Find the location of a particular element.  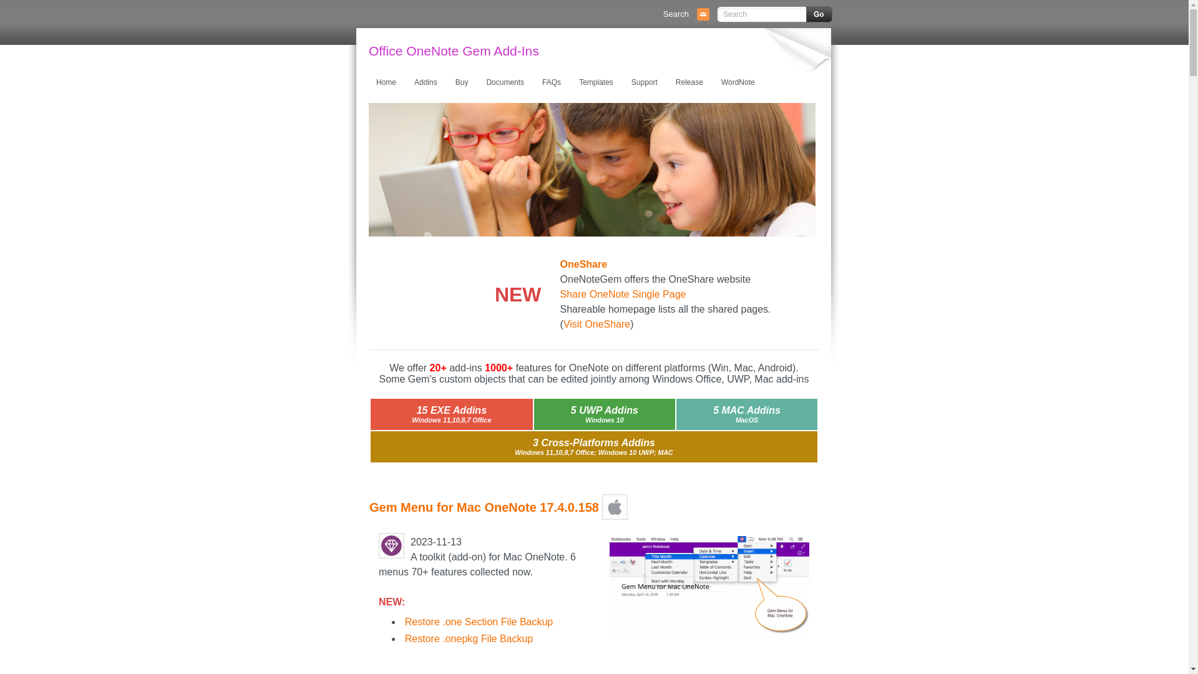

'Addins' is located at coordinates (425, 82).